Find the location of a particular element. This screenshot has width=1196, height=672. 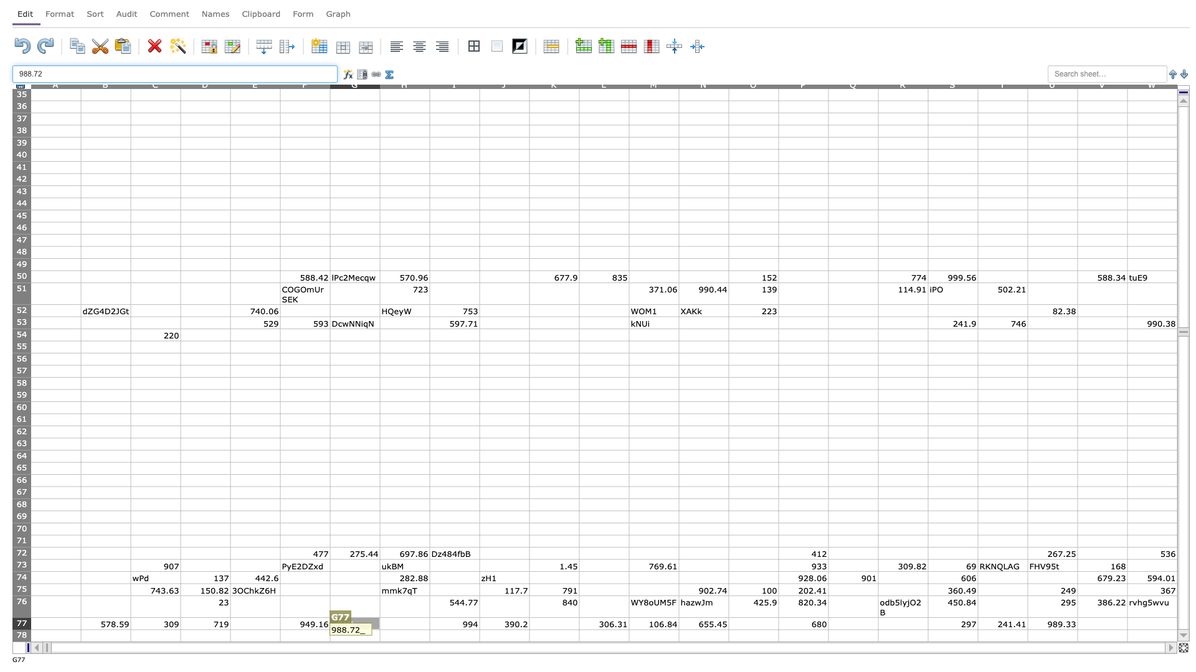

Top left corner at position H78 is located at coordinates (379, 629).